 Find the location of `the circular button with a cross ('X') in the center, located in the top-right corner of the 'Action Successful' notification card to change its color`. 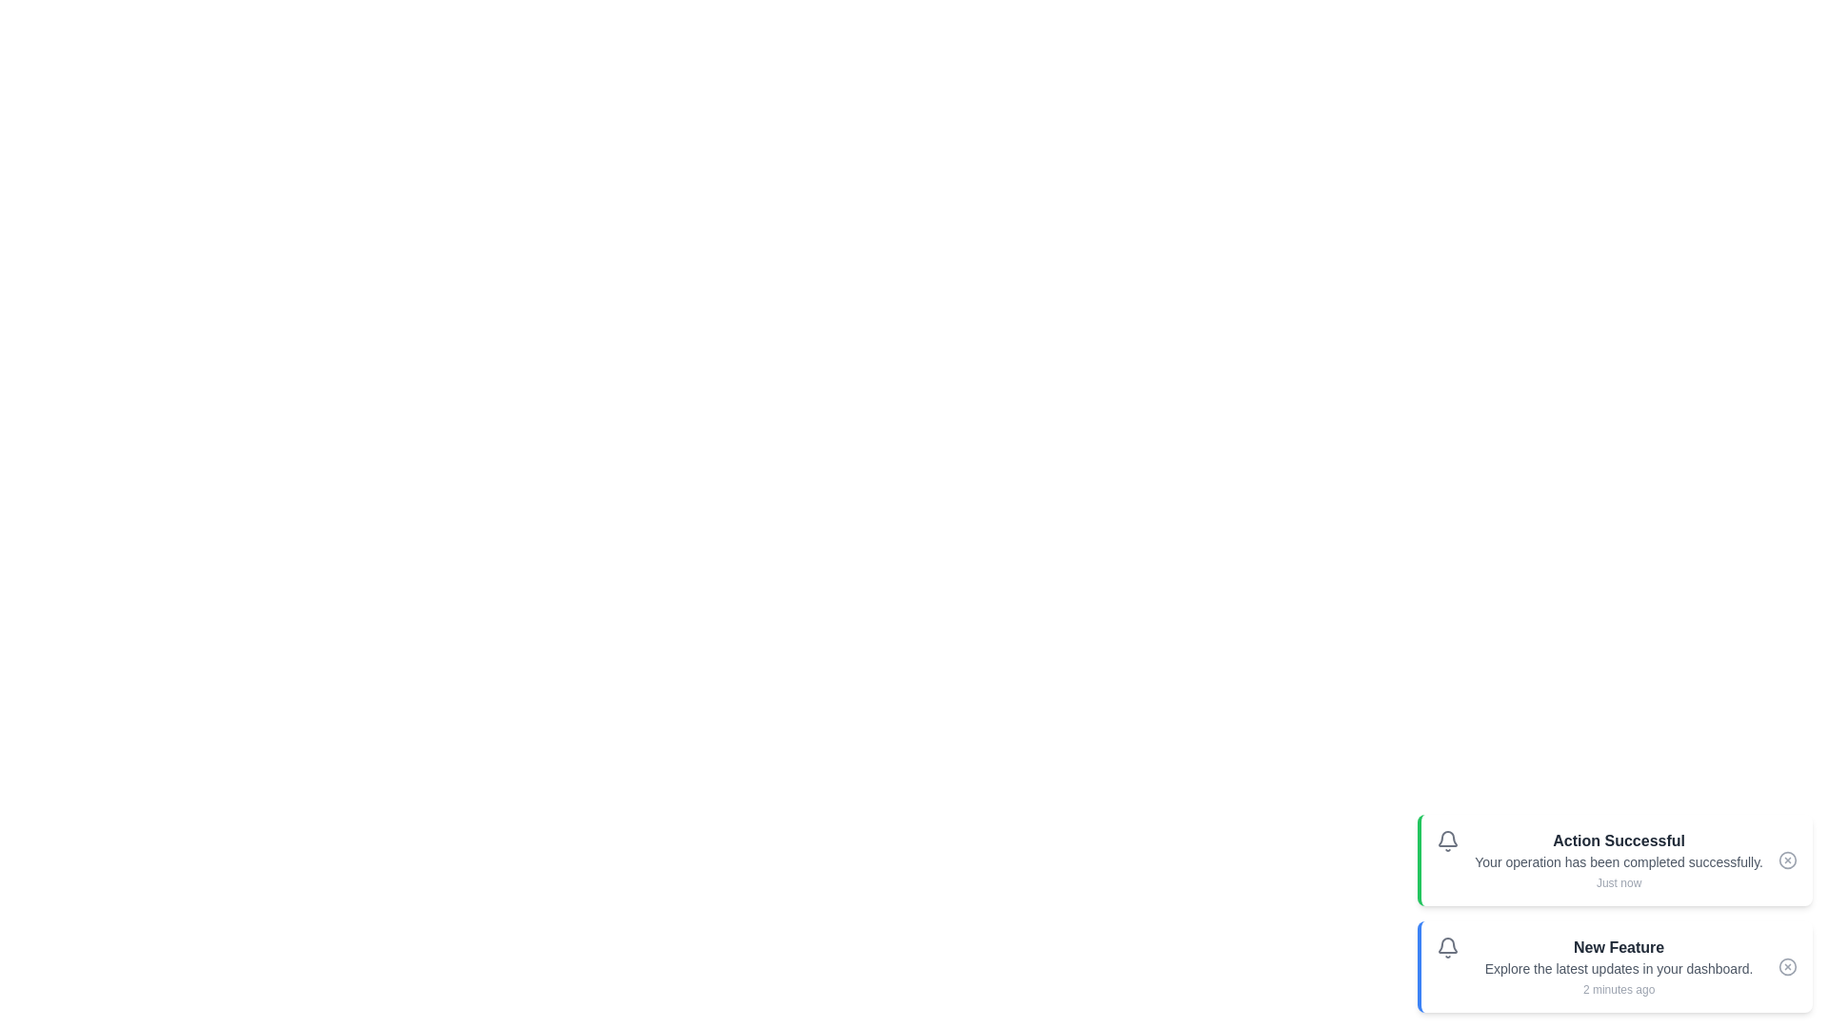

the circular button with a cross ('X') in the center, located in the top-right corner of the 'Action Successful' notification card to change its color is located at coordinates (1786, 860).